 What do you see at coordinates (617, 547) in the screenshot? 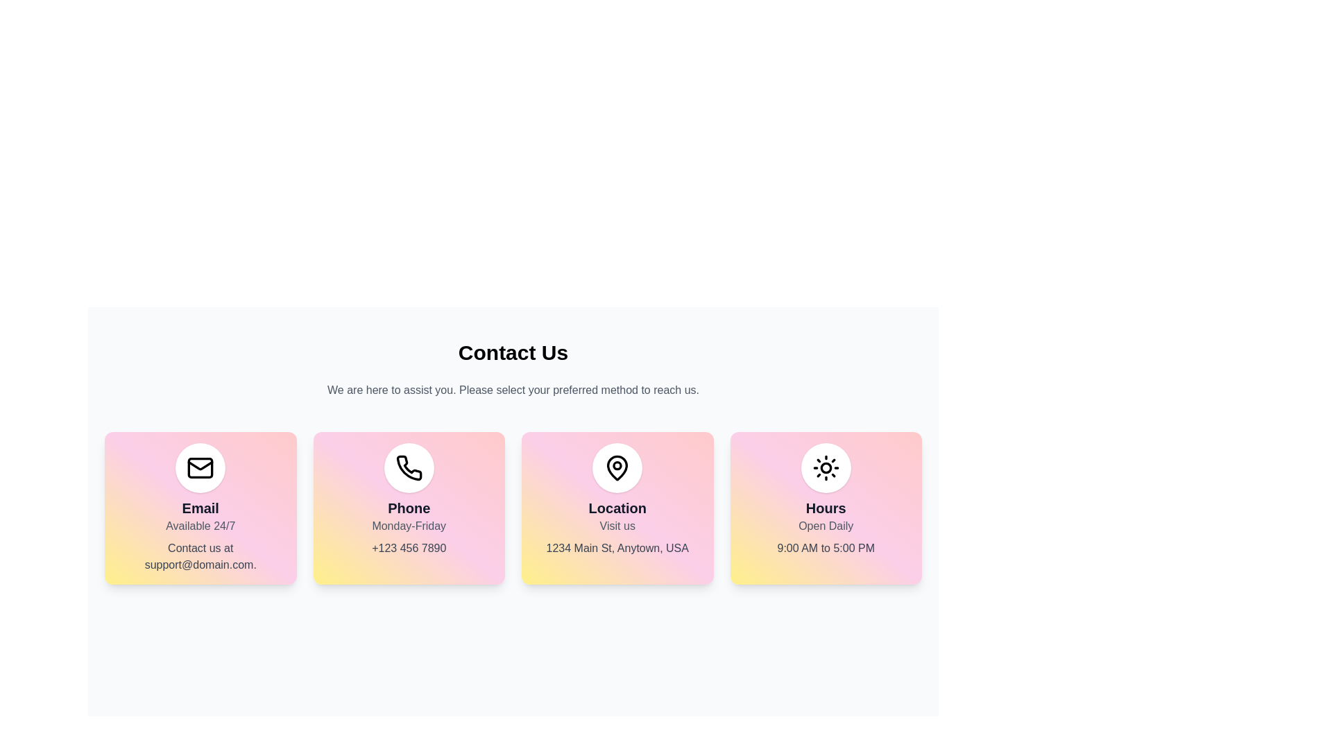
I see `the contact information text located below the 'Visit us' text and 'Location' header in the third card from the left` at bounding box center [617, 547].